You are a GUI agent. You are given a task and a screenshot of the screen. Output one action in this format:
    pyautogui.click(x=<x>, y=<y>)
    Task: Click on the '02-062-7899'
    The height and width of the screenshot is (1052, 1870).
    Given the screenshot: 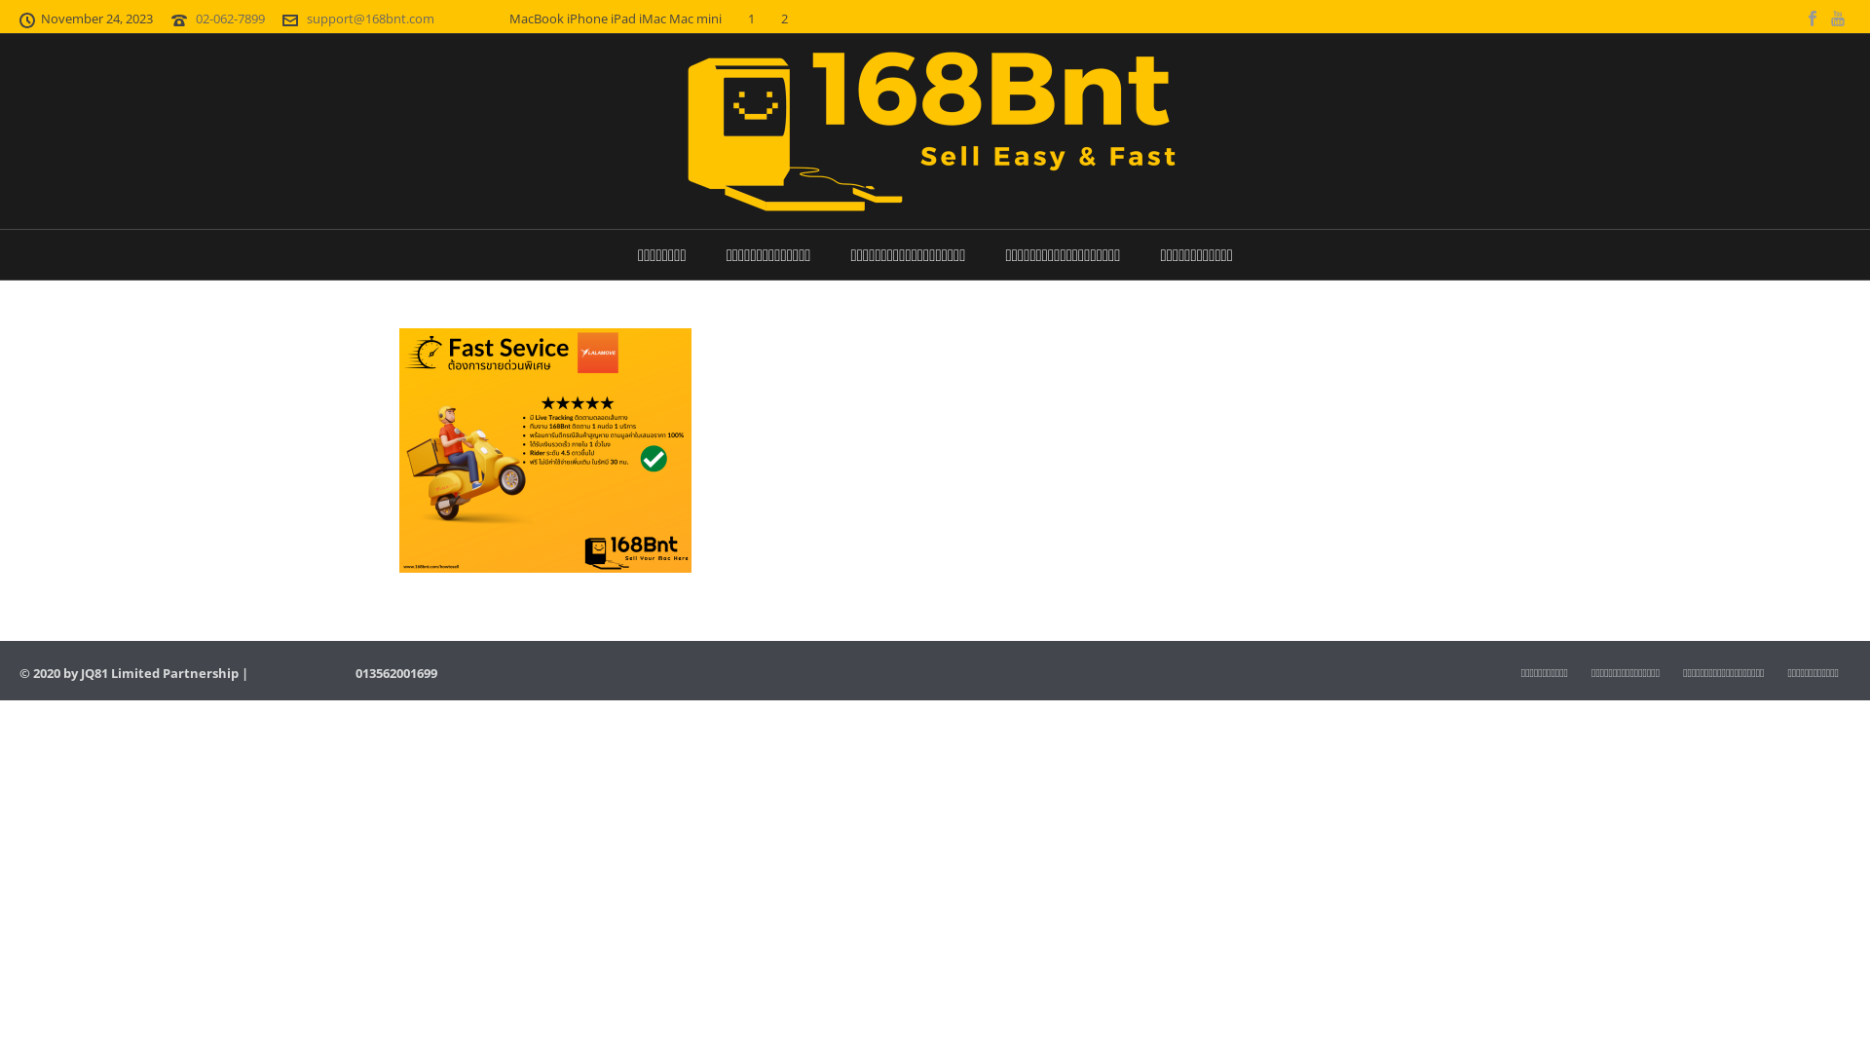 What is the action you would take?
    pyautogui.click(x=230, y=19)
    